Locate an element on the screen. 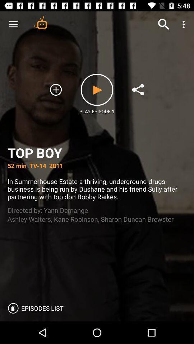 The width and height of the screenshot is (194, 344). share the movie is located at coordinates (138, 89).